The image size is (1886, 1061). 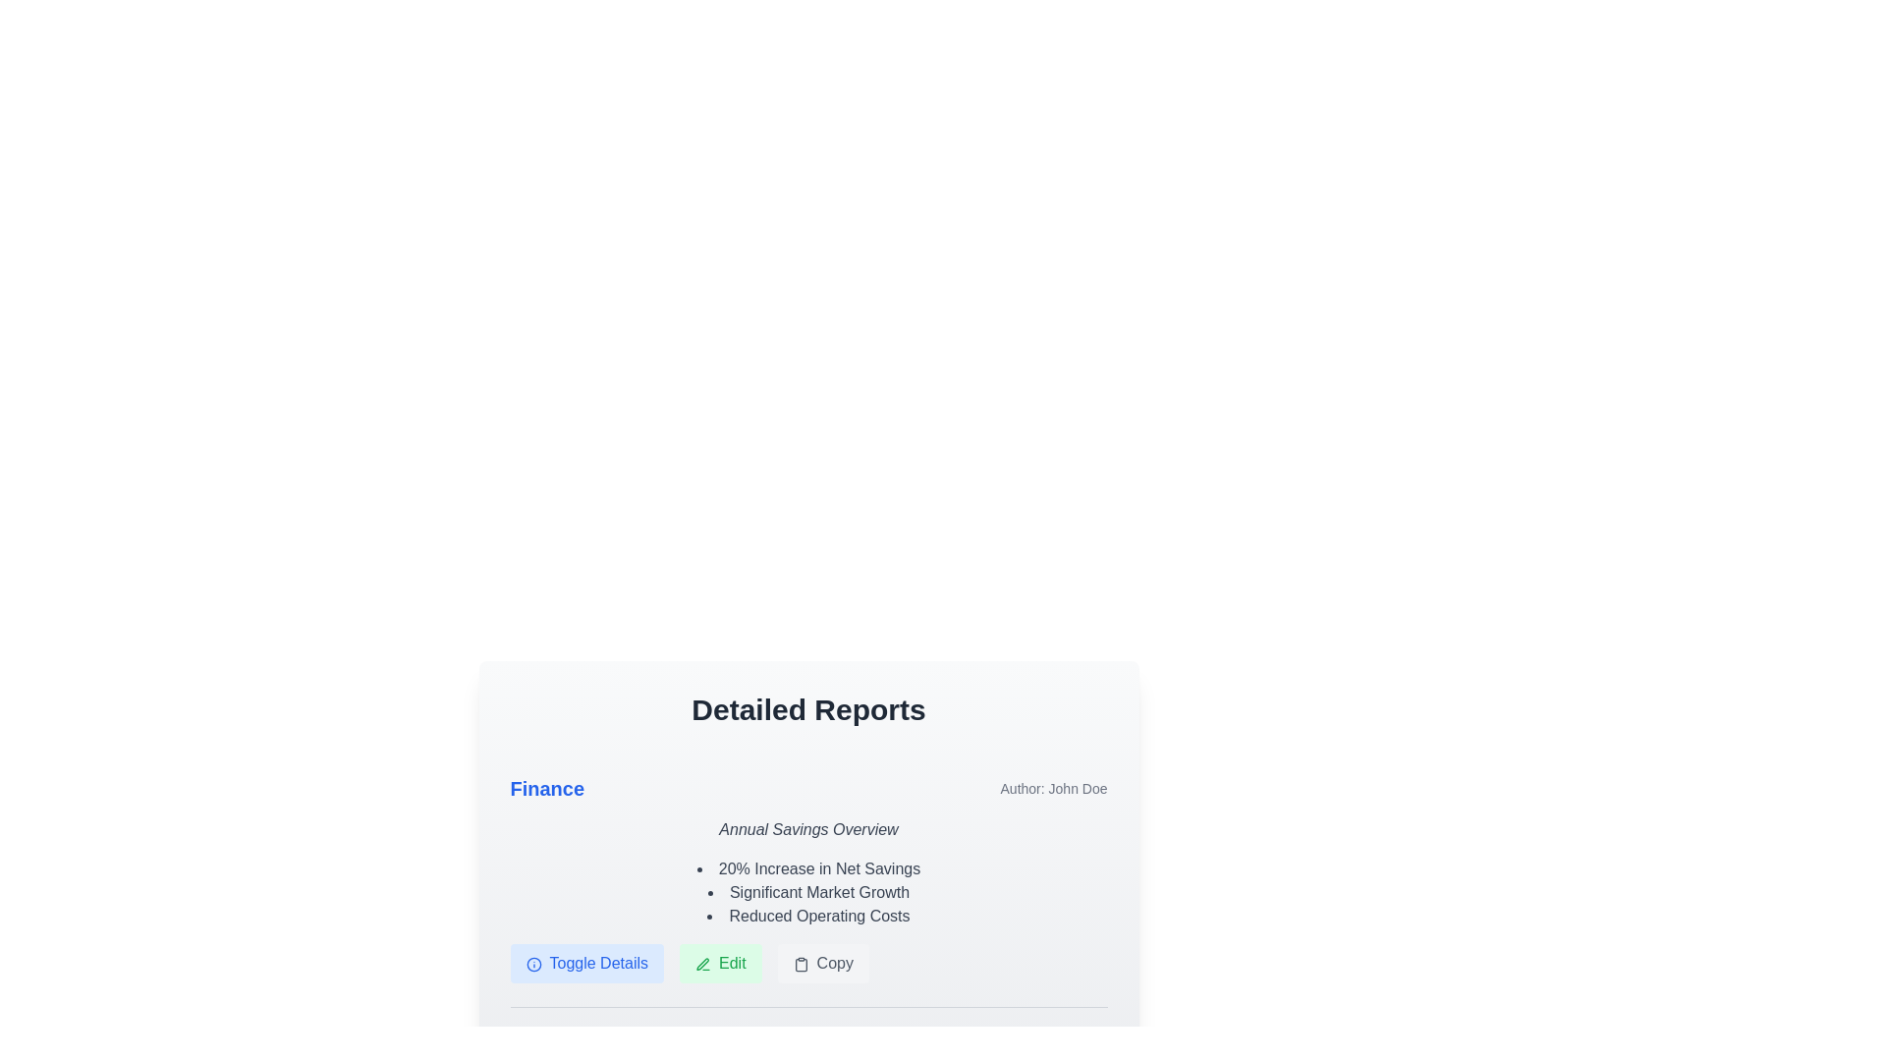 I want to click on the textual bullet list item displaying 'Reduced Operating Costs', which is the third item in the list under 'Annual Savings Overview', so click(x=808, y=917).